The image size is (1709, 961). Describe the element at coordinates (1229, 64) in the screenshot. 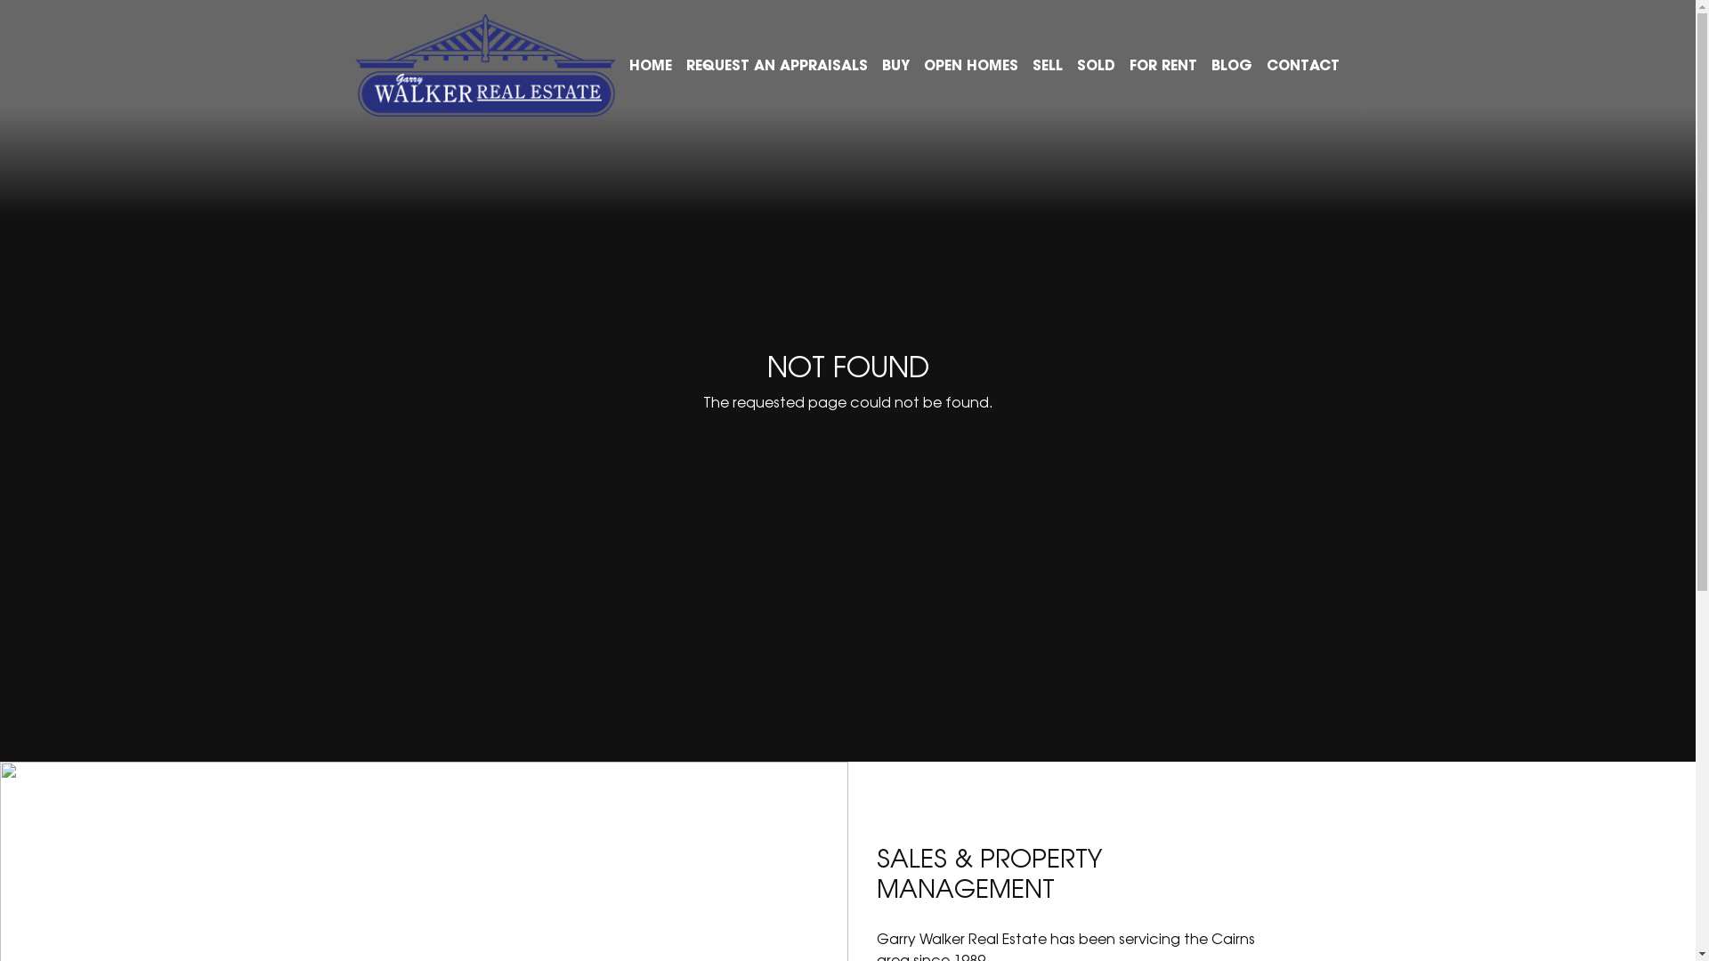

I see `'BLOG'` at that location.